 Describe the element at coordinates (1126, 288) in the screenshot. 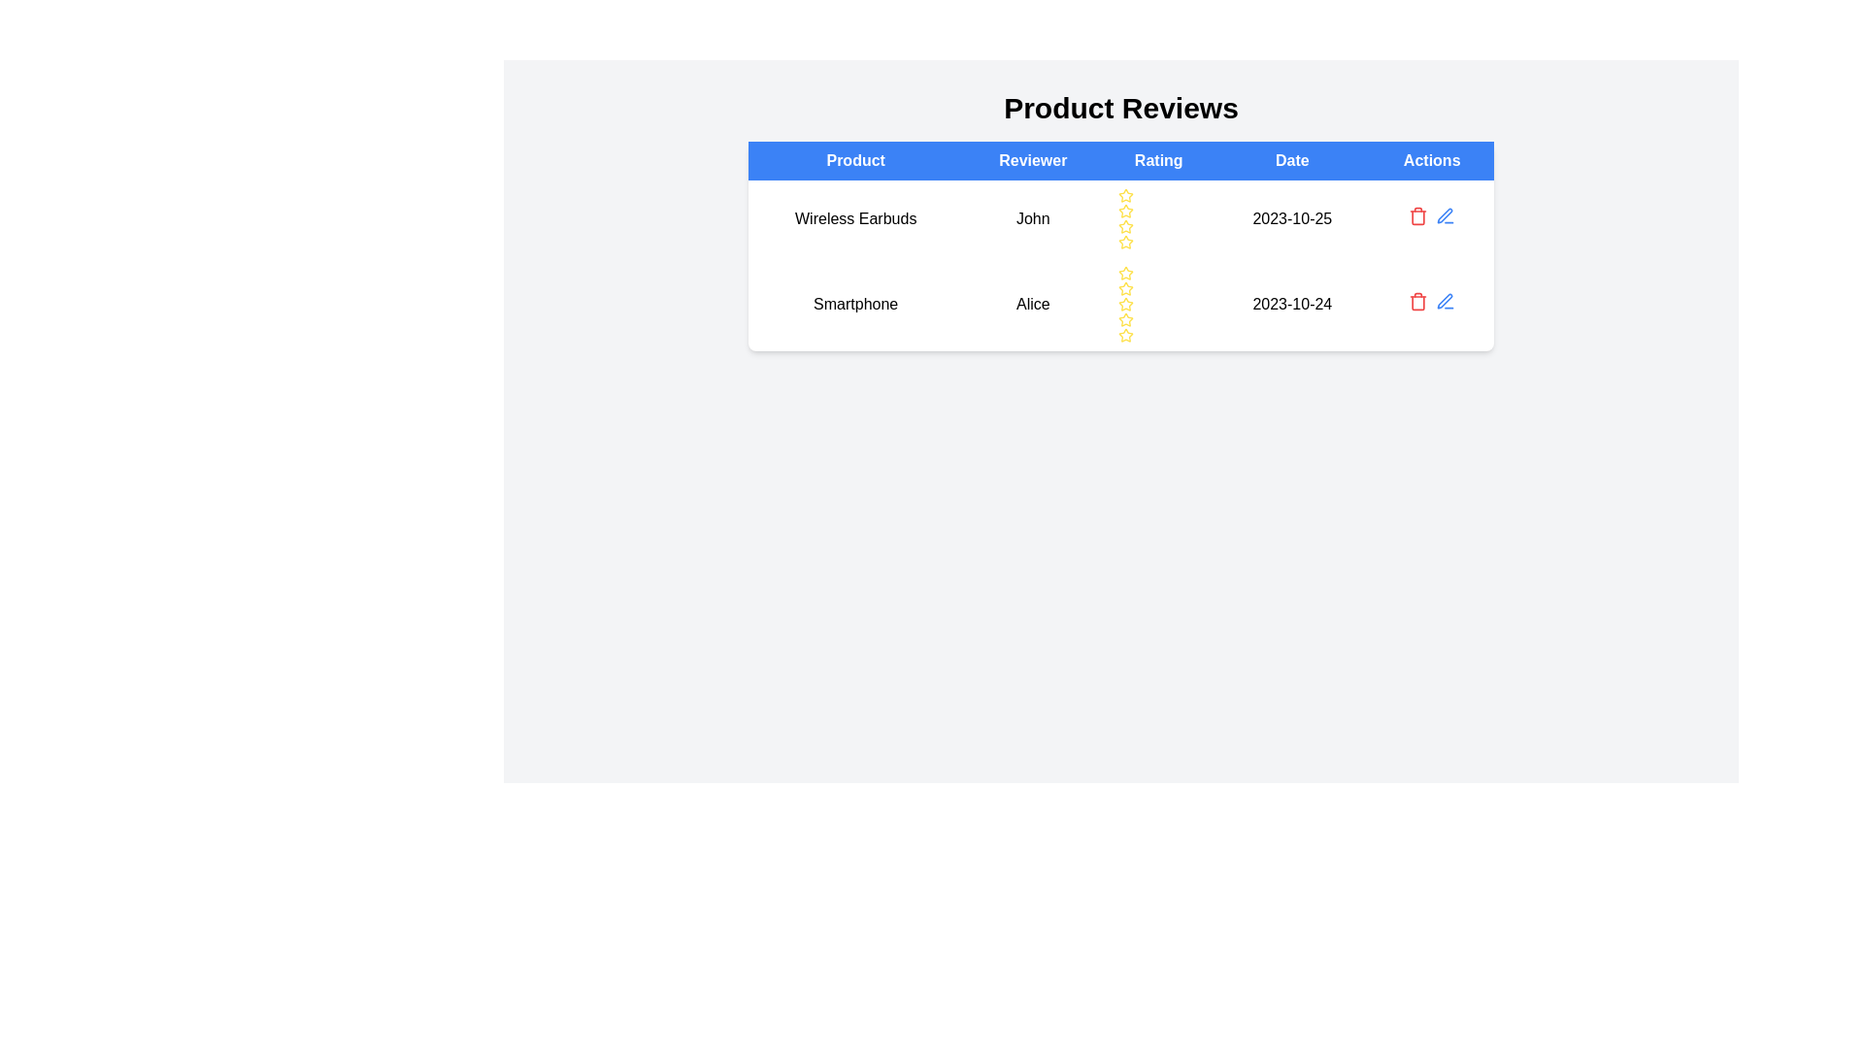

I see `the third yellow star icon in the rating section associated with reviewer 'Alice' for the product 'Smartphone'` at that location.